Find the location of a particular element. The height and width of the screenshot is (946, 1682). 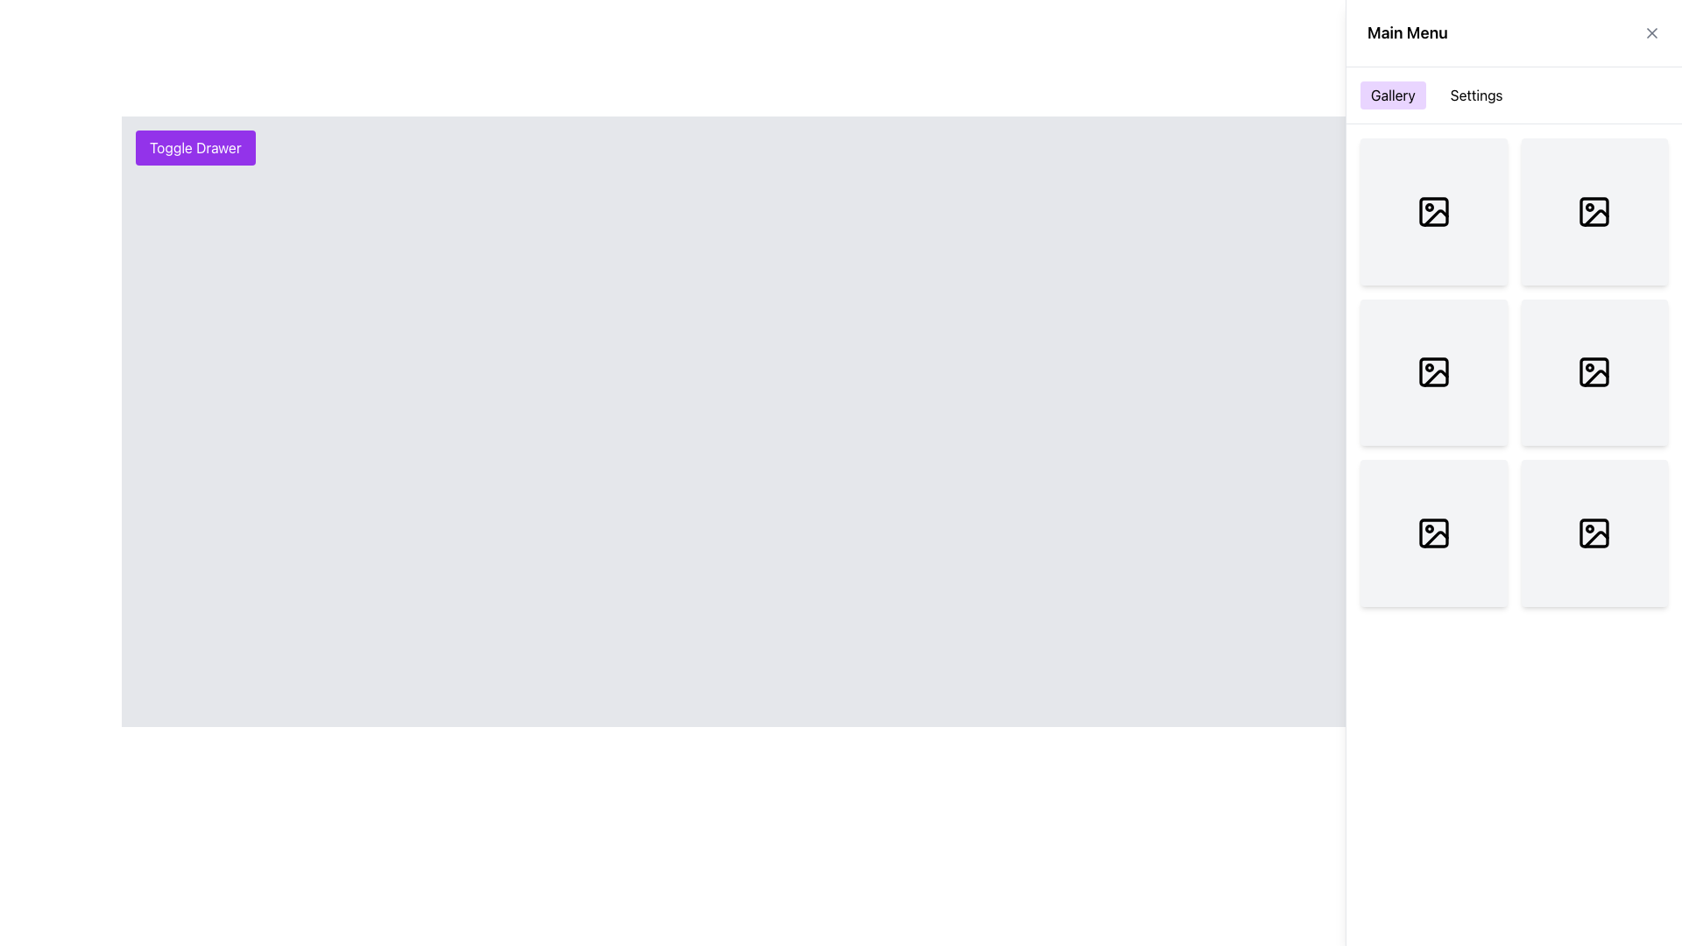

the icon located in the bottom-right cell of the 2x3 grid on the right-hand side of the interface is located at coordinates (1594, 371).